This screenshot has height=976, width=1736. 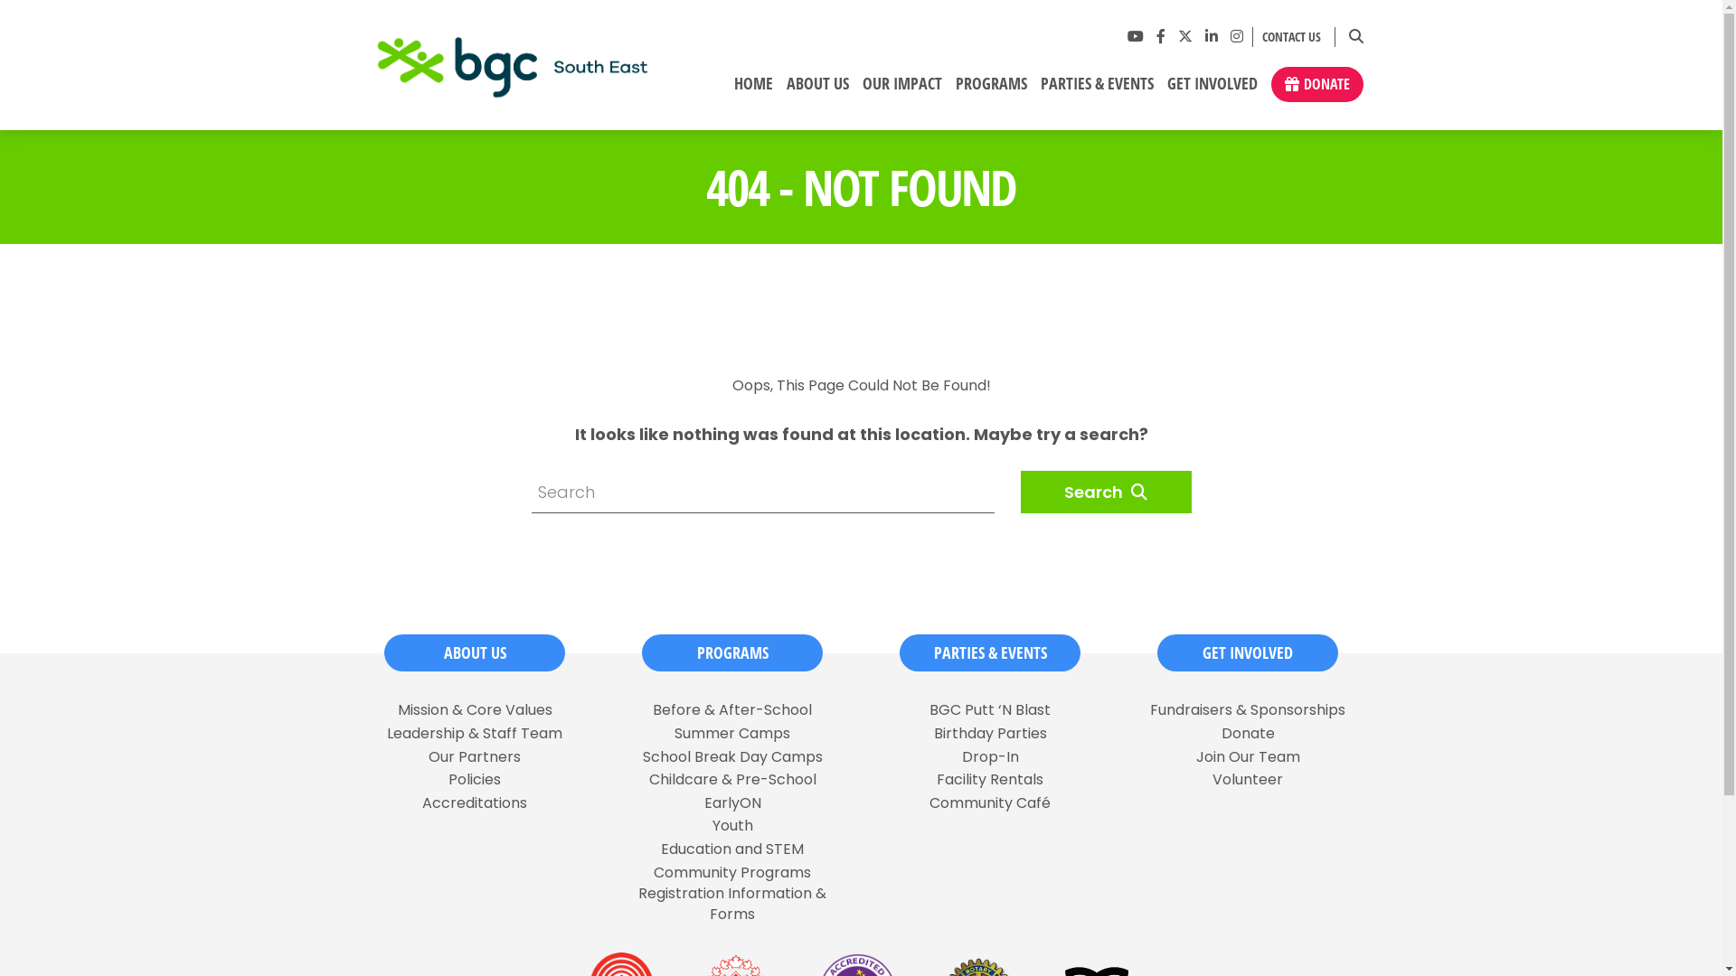 What do you see at coordinates (731, 904) in the screenshot?
I see `'Registration Information & Forms'` at bounding box center [731, 904].